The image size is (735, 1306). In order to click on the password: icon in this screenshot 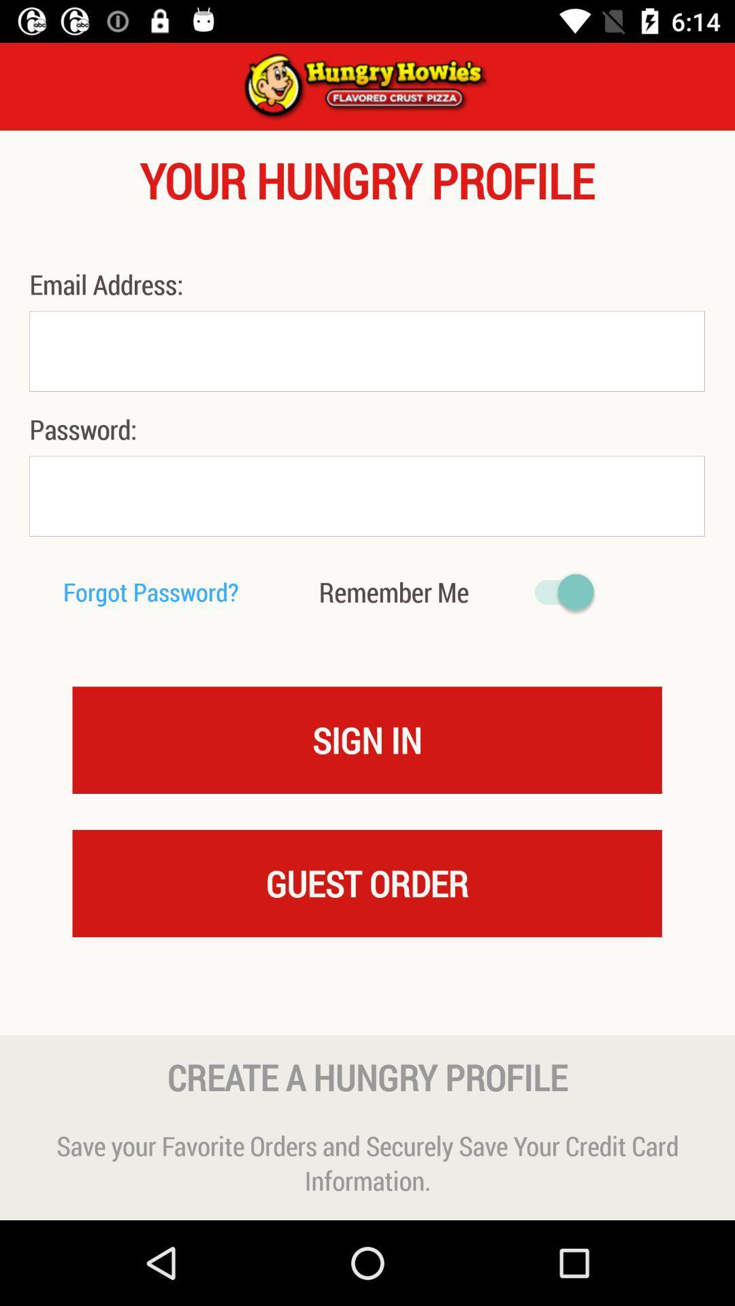, I will do `click(109, 429)`.